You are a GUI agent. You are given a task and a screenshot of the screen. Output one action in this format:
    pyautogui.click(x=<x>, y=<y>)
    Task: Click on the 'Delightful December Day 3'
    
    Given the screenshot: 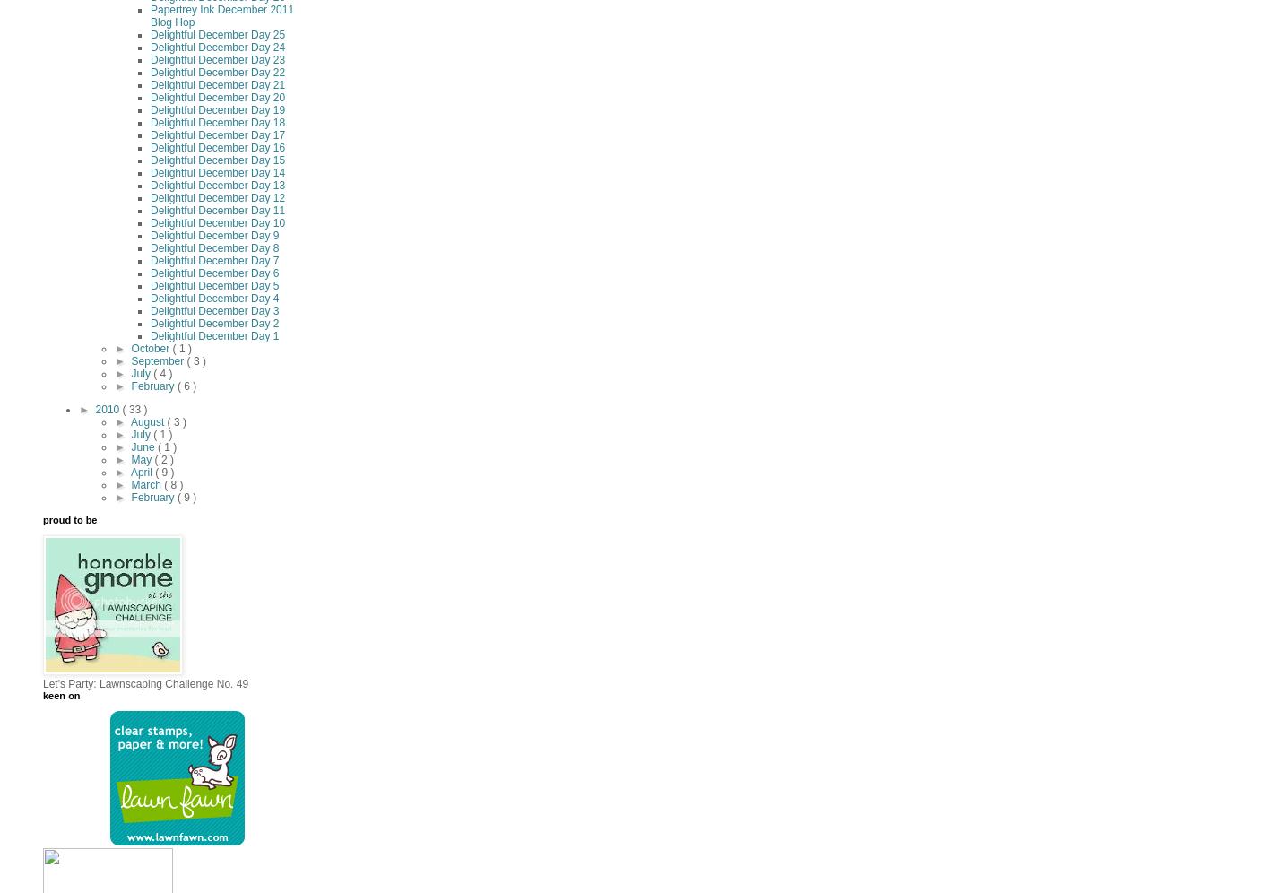 What is the action you would take?
    pyautogui.click(x=214, y=311)
    